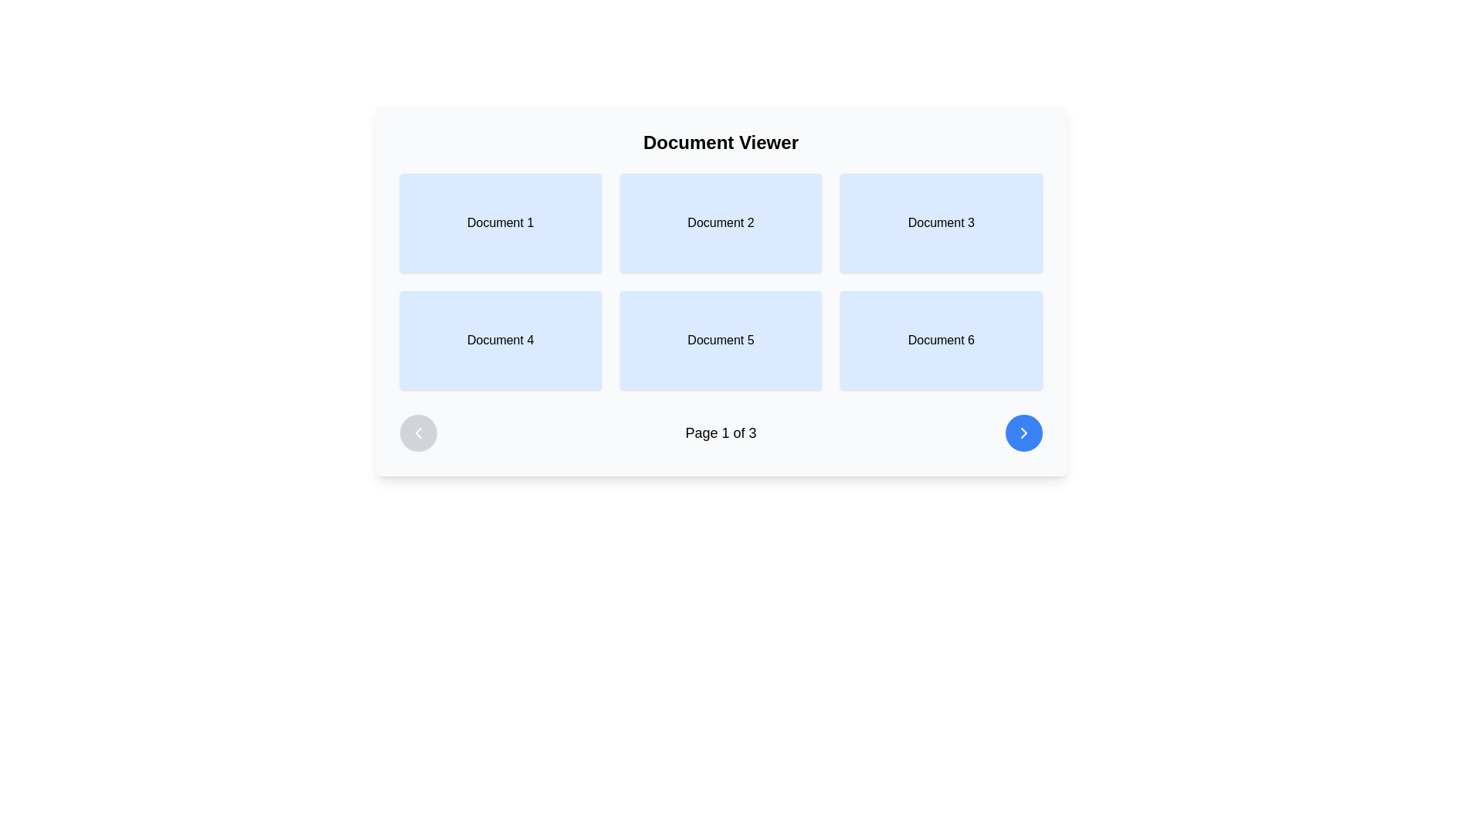  I want to click on the text display element reading 'Page 1 of 3' located at the bottom center of the navigation control bar, so click(720, 432).